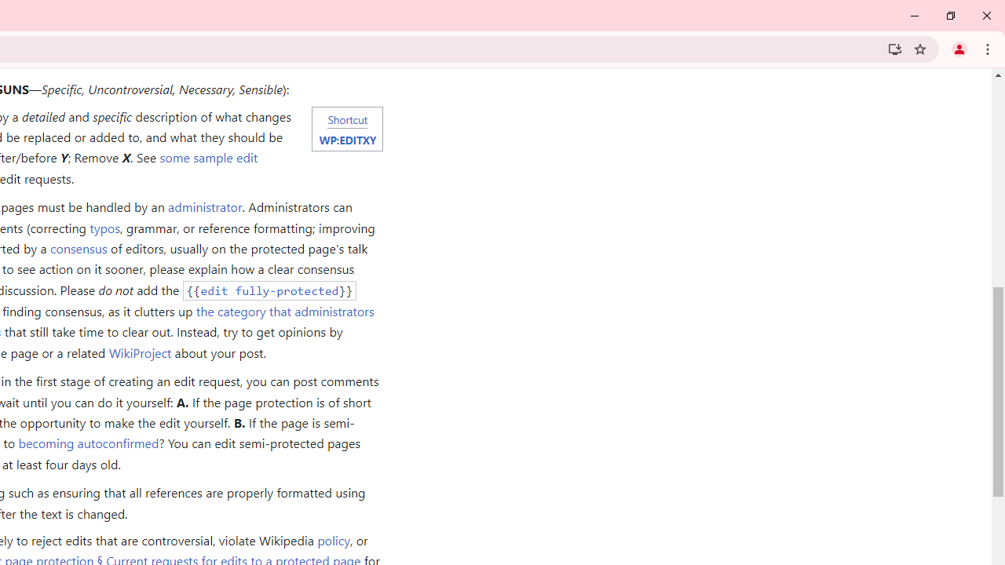  What do you see at coordinates (140, 351) in the screenshot?
I see `'WikiProject'` at bounding box center [140, 351].